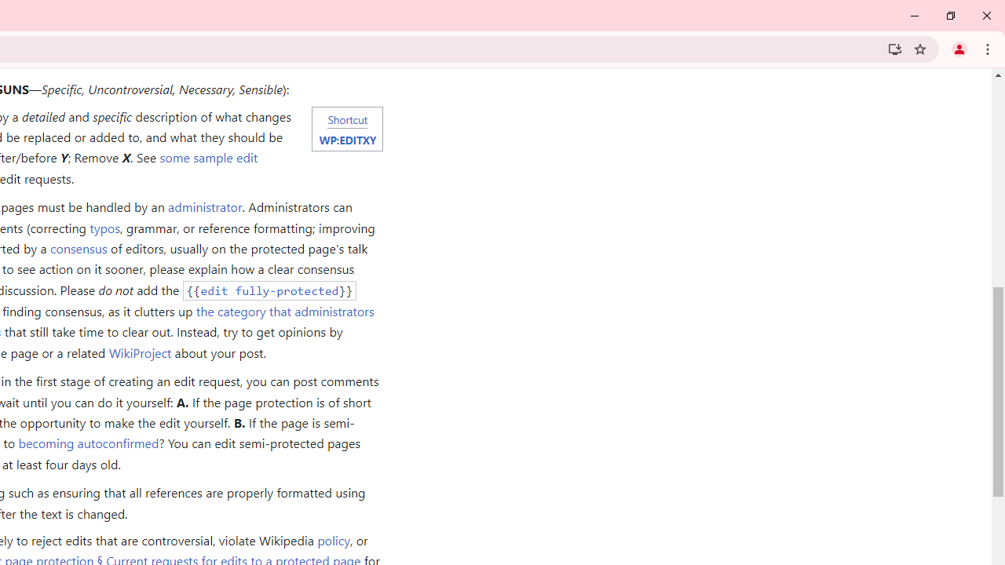  What do you see at coordinates (140, 351) in the screenshot?
I see `'WikiProject'` at bounding box center [140, 351].